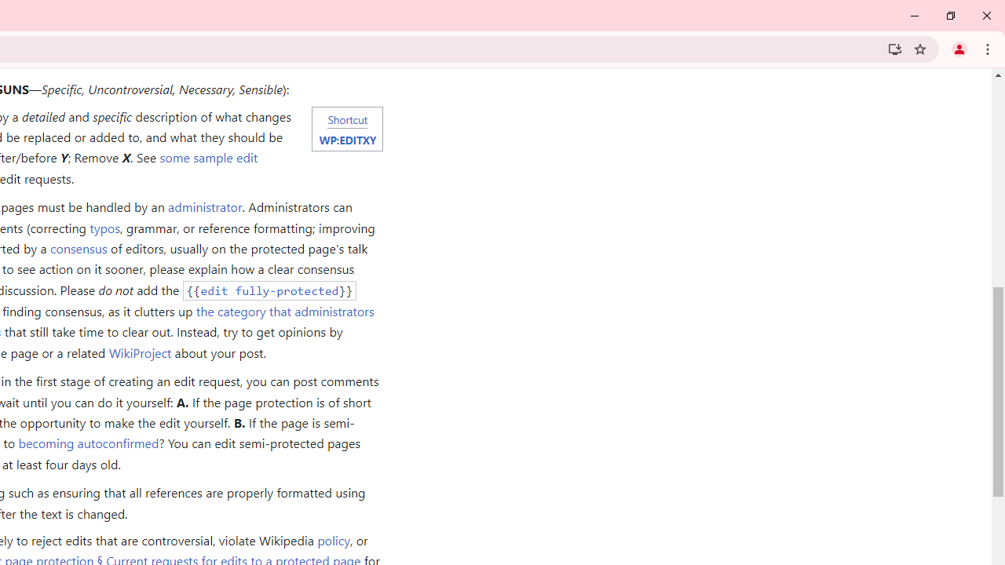  What do you see at coordinates (140, 351) in the screenshot?
I see `'WikiProject'` at bounding box center [140, 351].